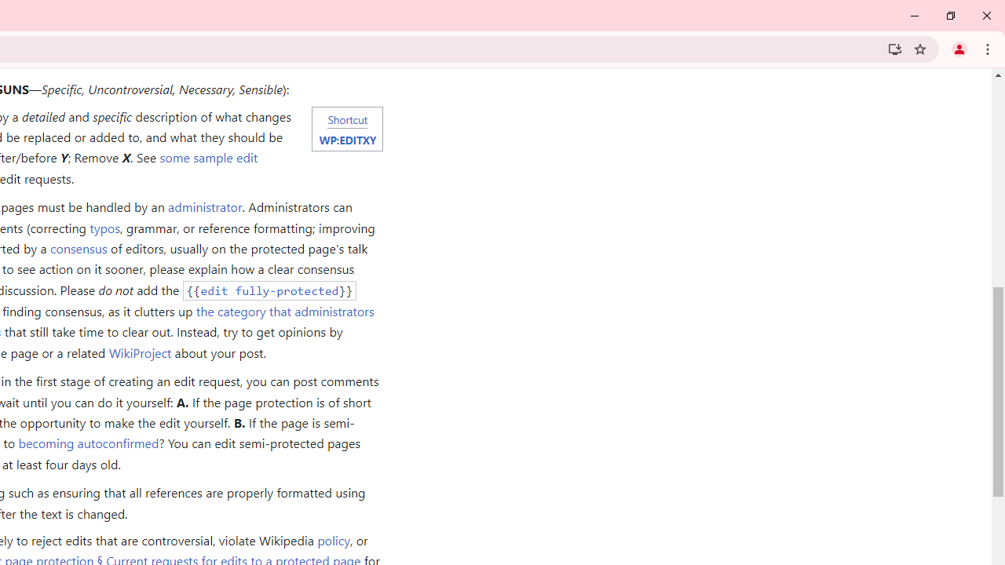  What do you see at coordinates (140, 351) in the screenshot?
I see `'WikiProject'` at bounding box center [140, 351].